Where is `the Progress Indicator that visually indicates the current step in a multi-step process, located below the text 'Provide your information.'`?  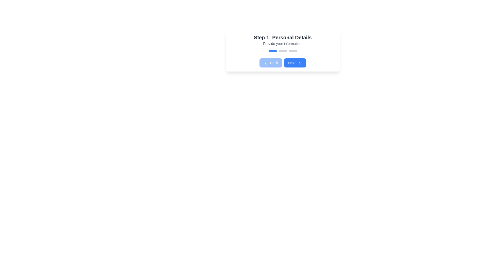
the Progress Indicator that visually indicates the current step in a multi-step process, located below the text 'Provide your information.' is located at coordinates (282, 51).